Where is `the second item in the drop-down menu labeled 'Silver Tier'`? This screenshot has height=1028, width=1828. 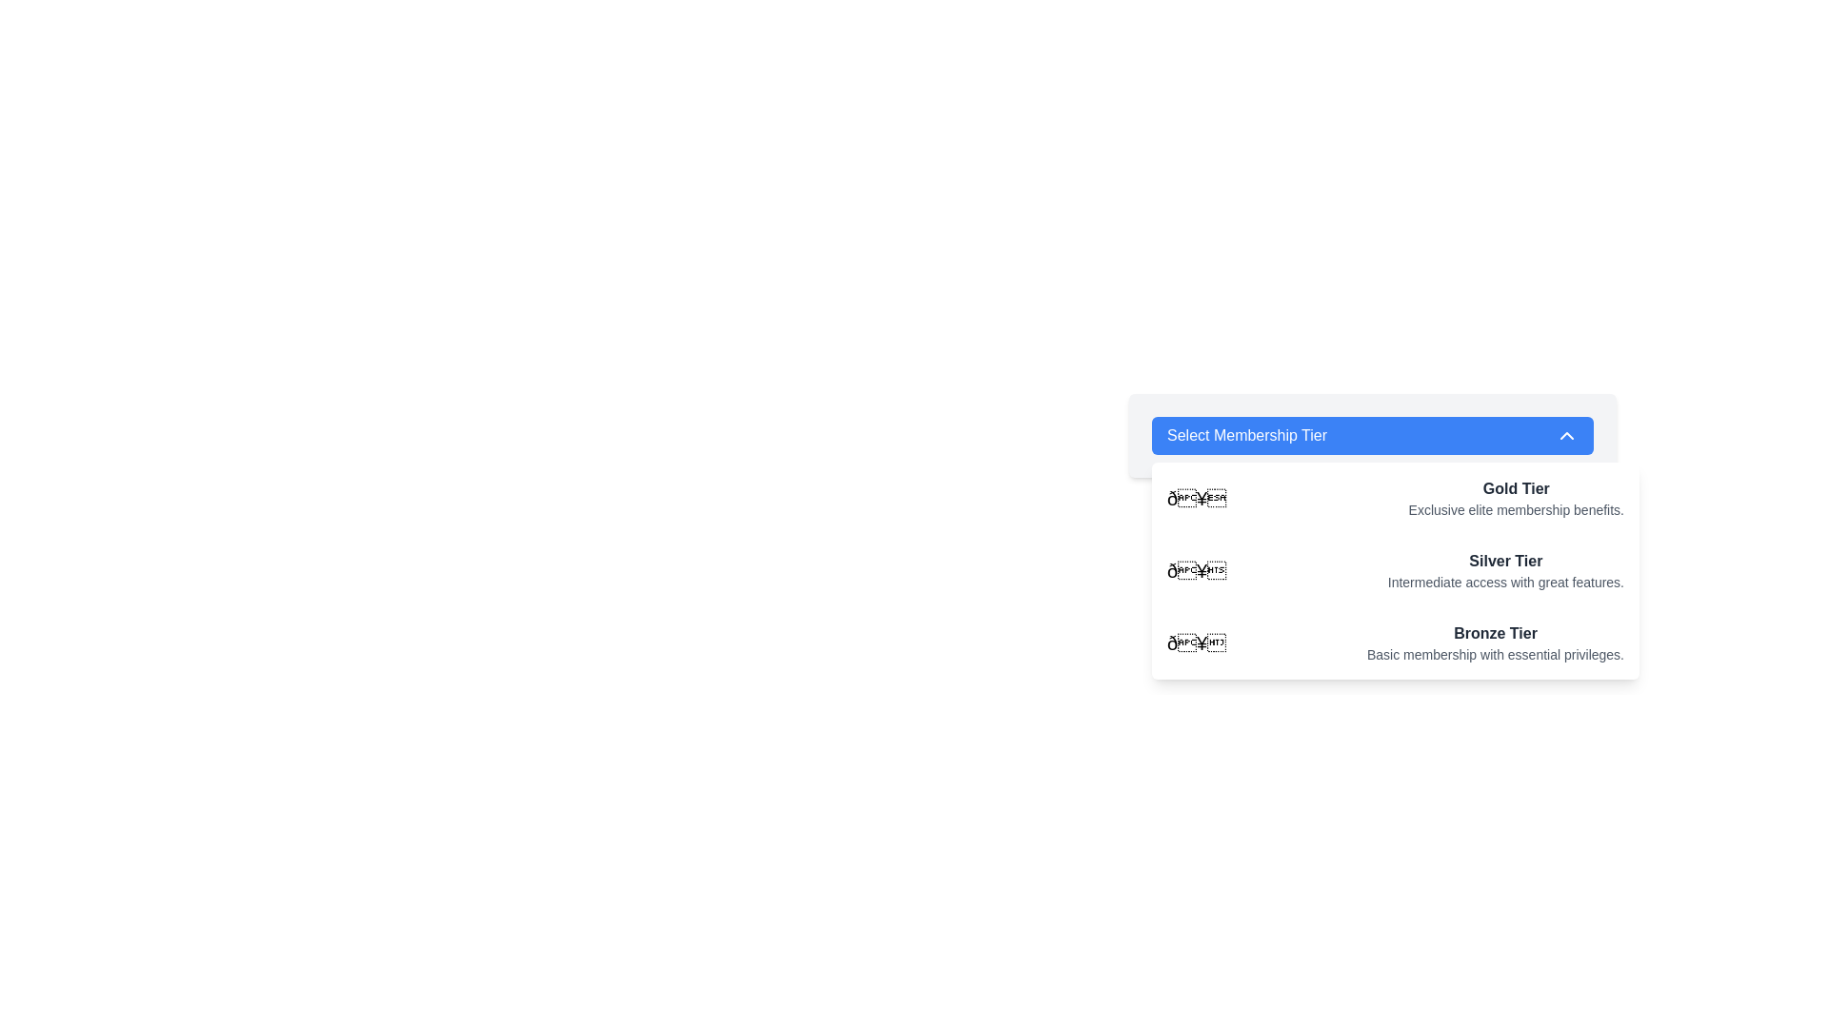 the second item in the drop-down menu labeled 'Silver Tier' is located at coordinates (1395, 570).